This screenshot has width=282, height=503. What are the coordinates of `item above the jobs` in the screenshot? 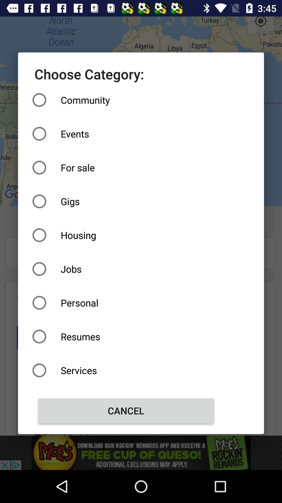 It's located at (126, 235).